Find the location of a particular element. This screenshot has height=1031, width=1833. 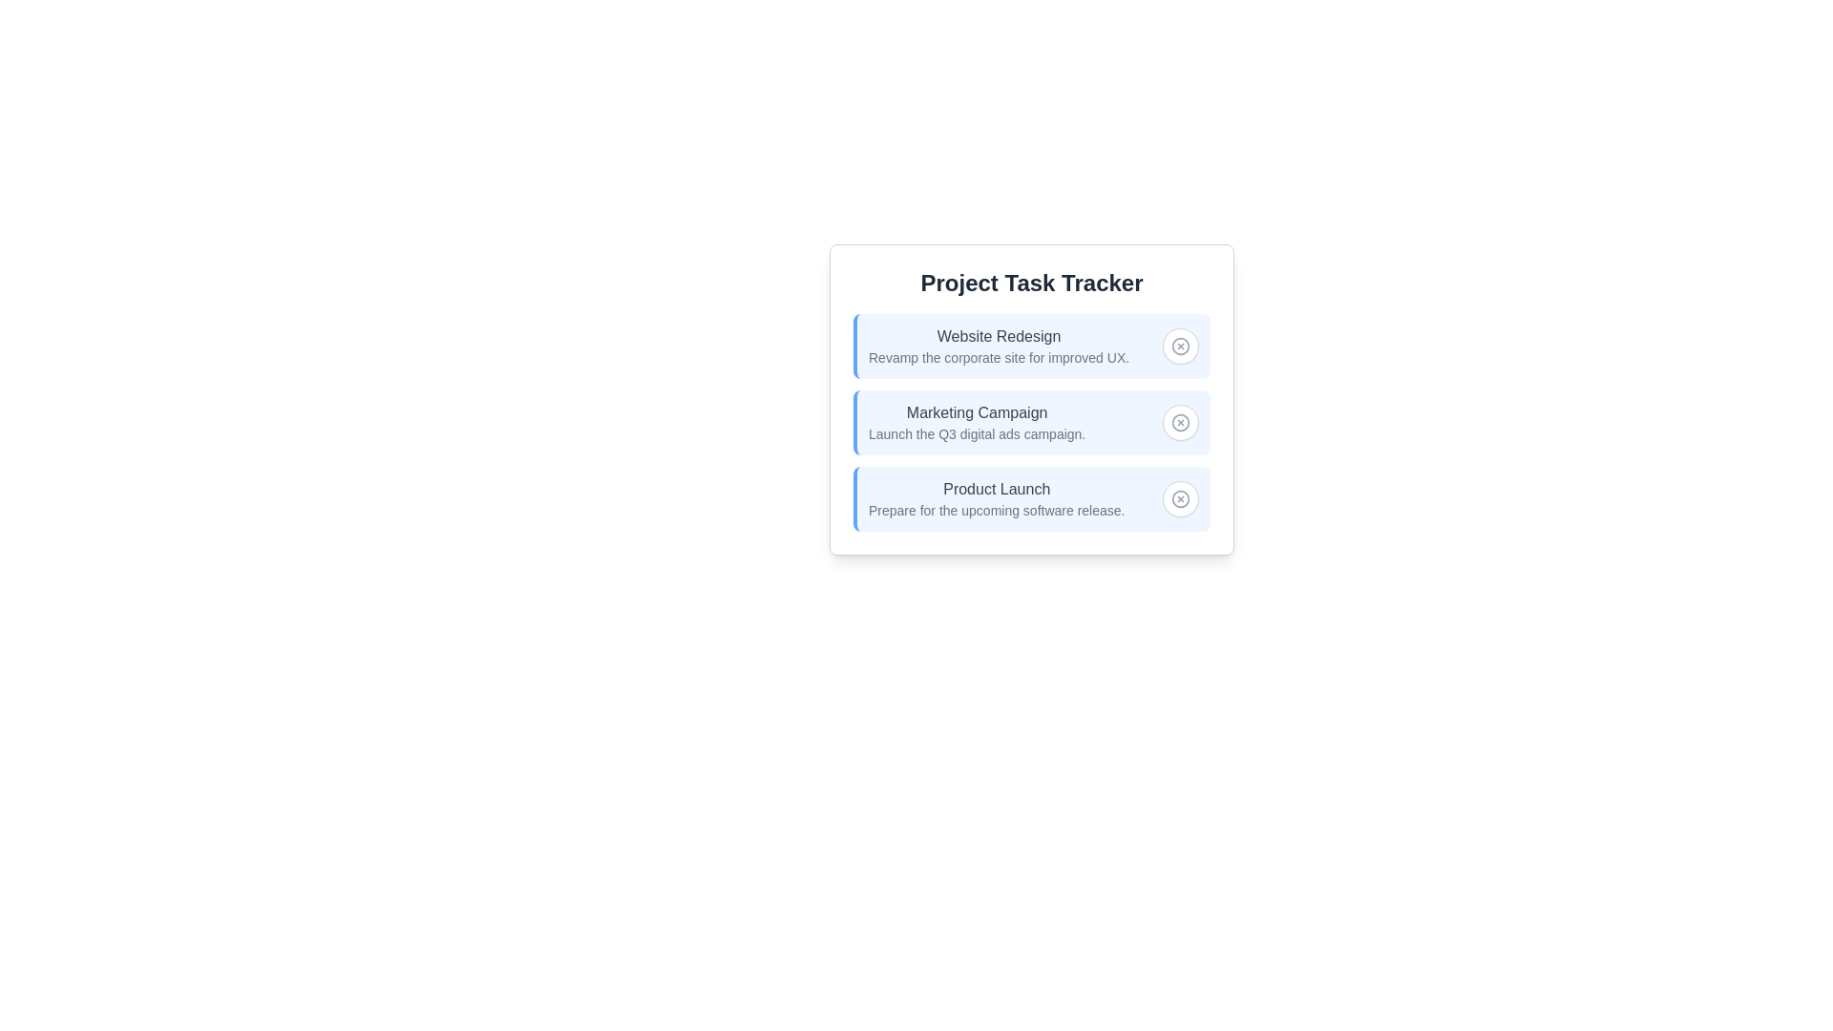

toggle button for the project named Marketing Campaign is located at coordinates (1180, 422).